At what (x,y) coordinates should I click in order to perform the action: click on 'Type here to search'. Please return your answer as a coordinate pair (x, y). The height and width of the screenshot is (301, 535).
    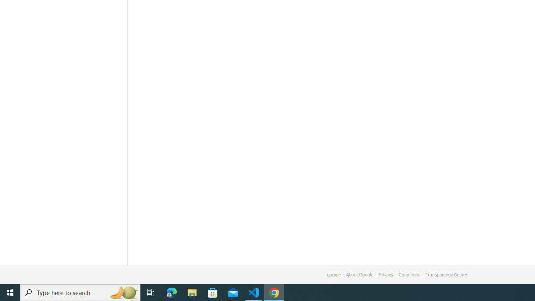
    Looking at the image, I should click on (80, 292).